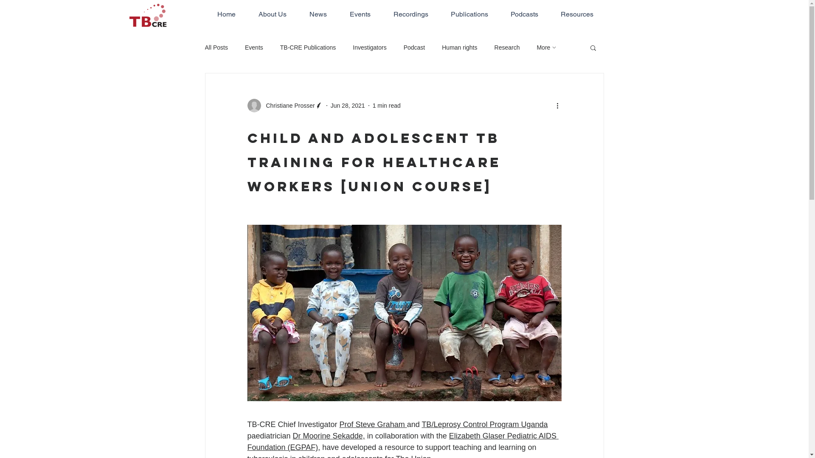  I want to click on 'Events', so click(253, 47).